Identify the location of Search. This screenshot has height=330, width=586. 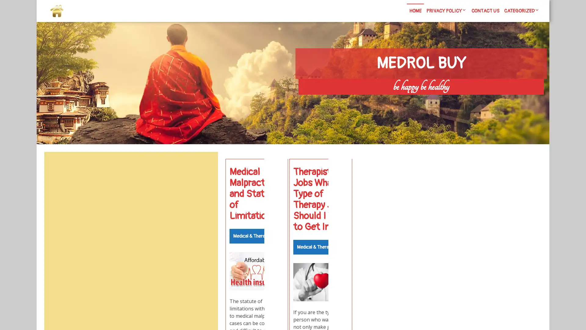
(204, 167).